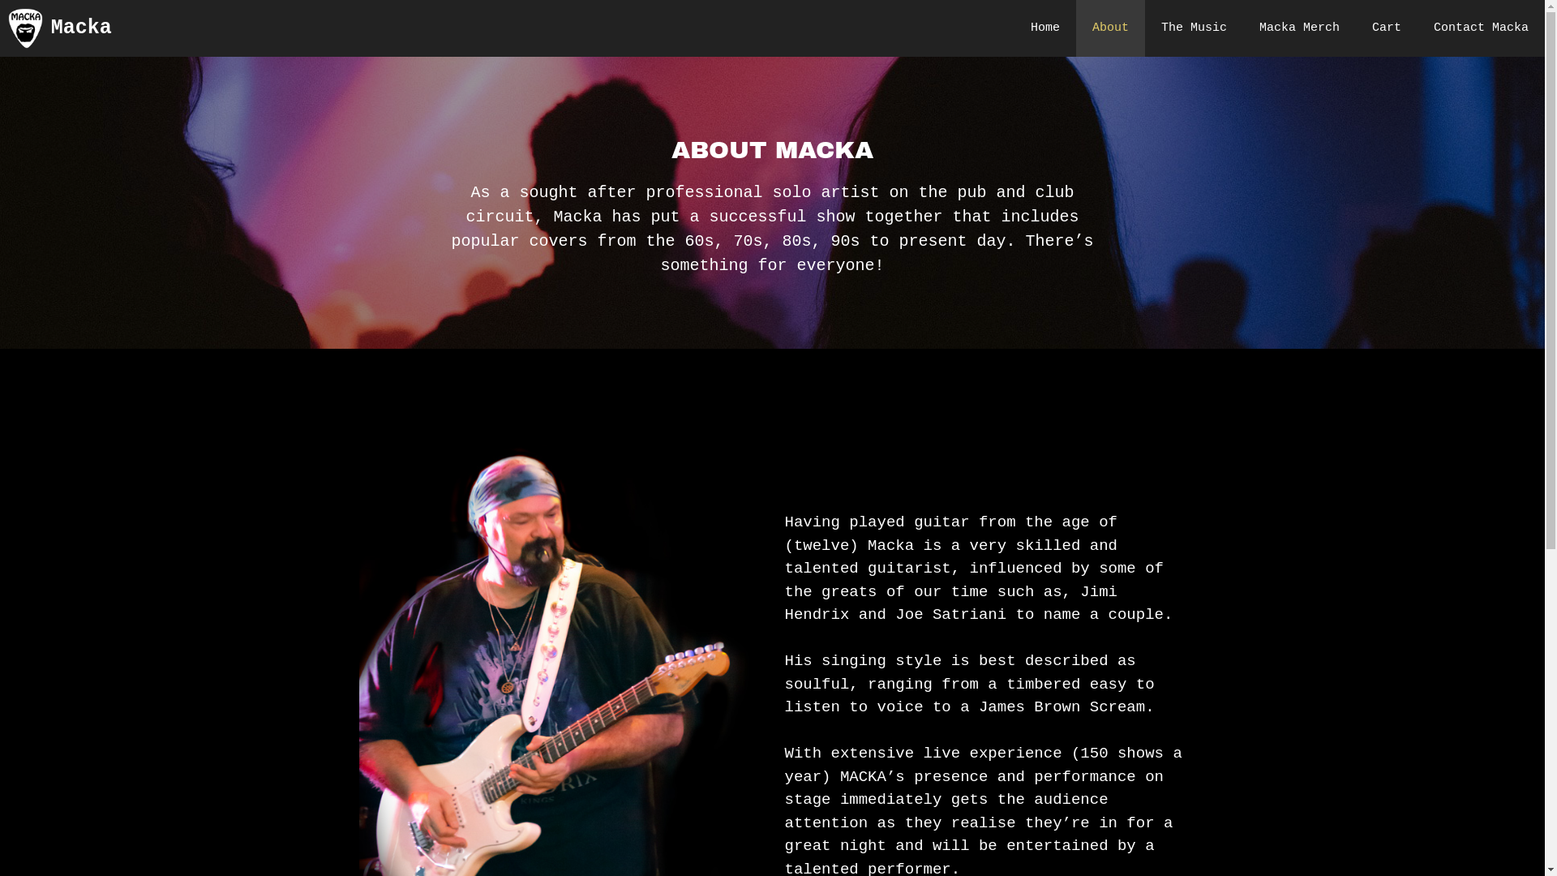 The image size is (1557, 876). What do you see at coordinates (1481, 28) in the screenshot?
I see `'Contact Macka'` at bounding box center [1481, 28].